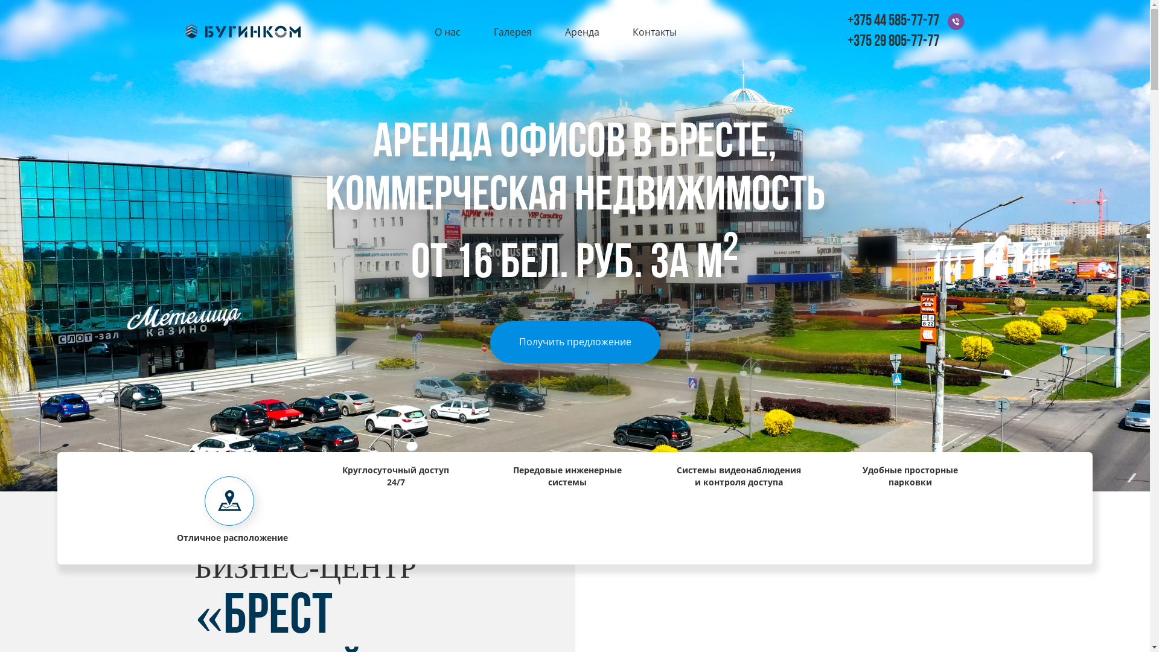 The height and width of the screenshot is (652, 1159). What do you see at coordinates (893, 21) in the screenshot?
I see `'+375 44 585-77-77'` at bounding box center [893, 21].